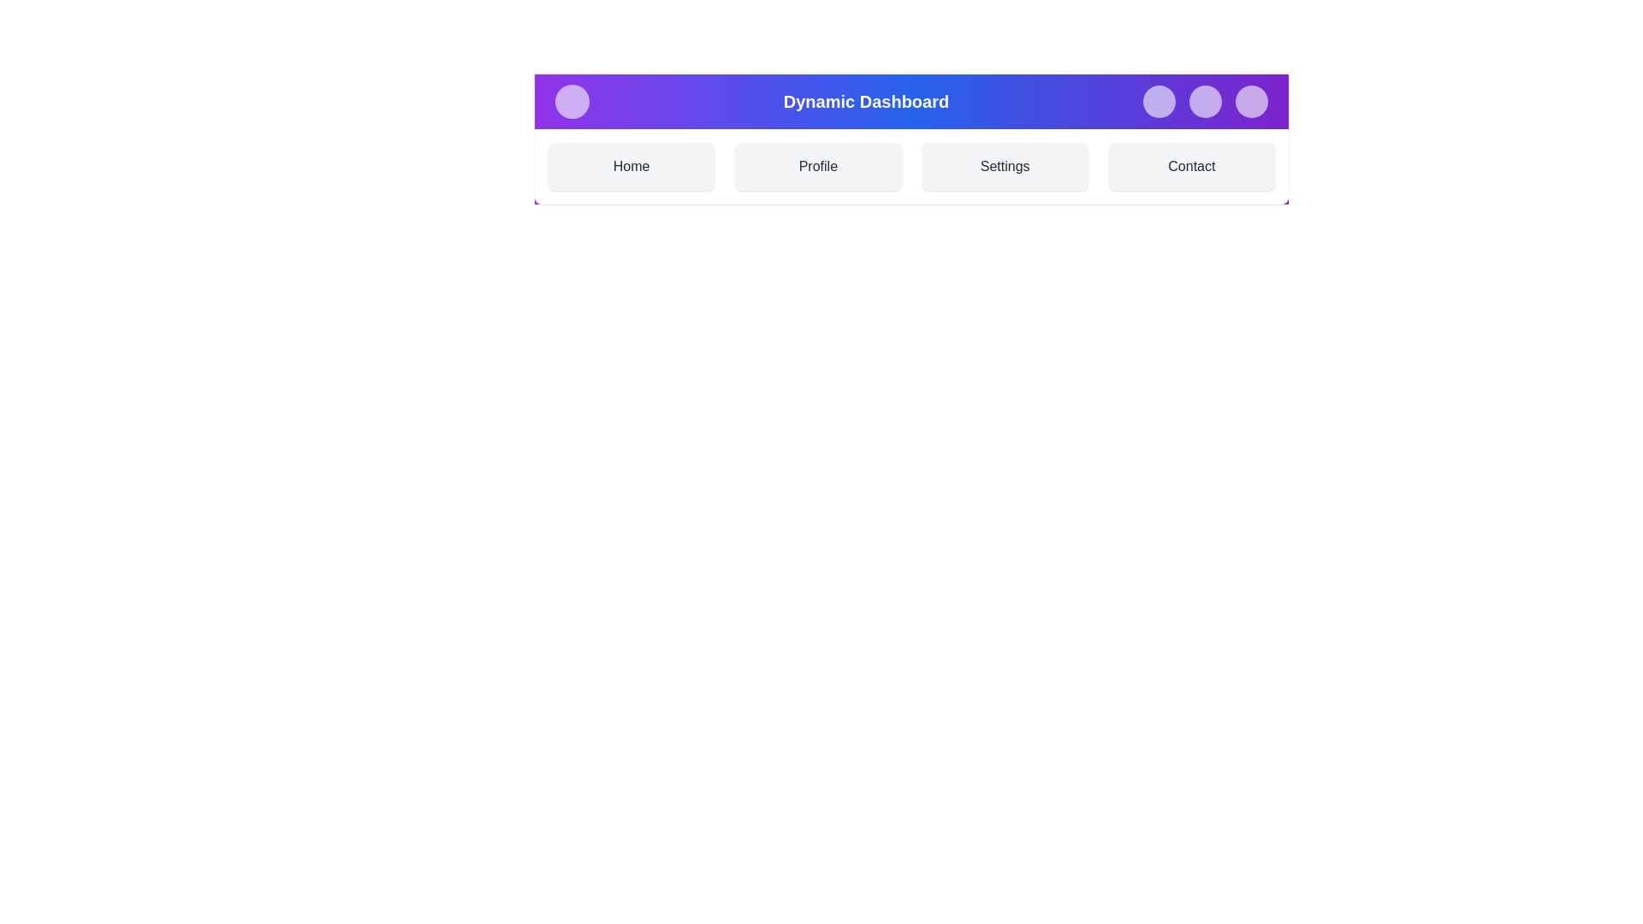 Image resolution: width=1643 pixels, height=924 pixels. Describe the element at coordinates (1159, 102) in the screenshot. I see `search button in the top-right corner` at that location.